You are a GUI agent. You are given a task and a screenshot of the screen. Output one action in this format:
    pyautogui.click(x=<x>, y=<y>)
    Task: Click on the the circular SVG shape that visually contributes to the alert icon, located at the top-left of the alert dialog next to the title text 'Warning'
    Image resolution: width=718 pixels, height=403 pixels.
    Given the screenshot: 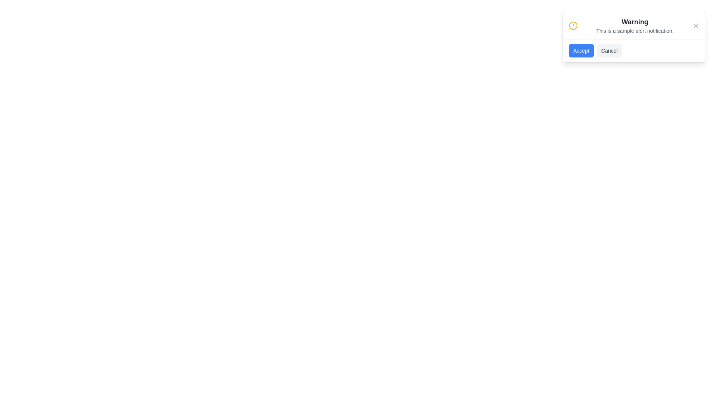 What is the action you would take?
    pyautogui.click(x=573, y=25)
    